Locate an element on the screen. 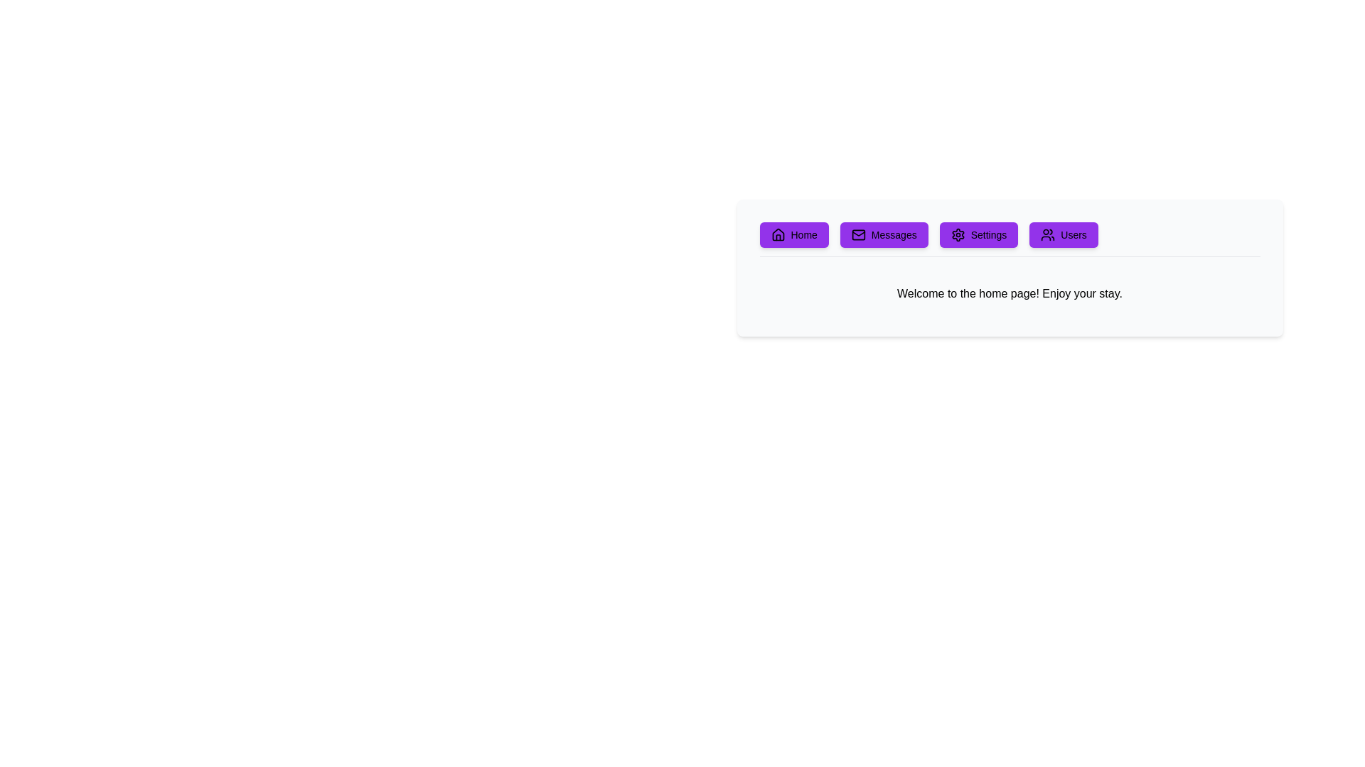  the 'Messages' button located in the horizontal navigation bar near the top center of the interface is located at coordinates (857, 234).